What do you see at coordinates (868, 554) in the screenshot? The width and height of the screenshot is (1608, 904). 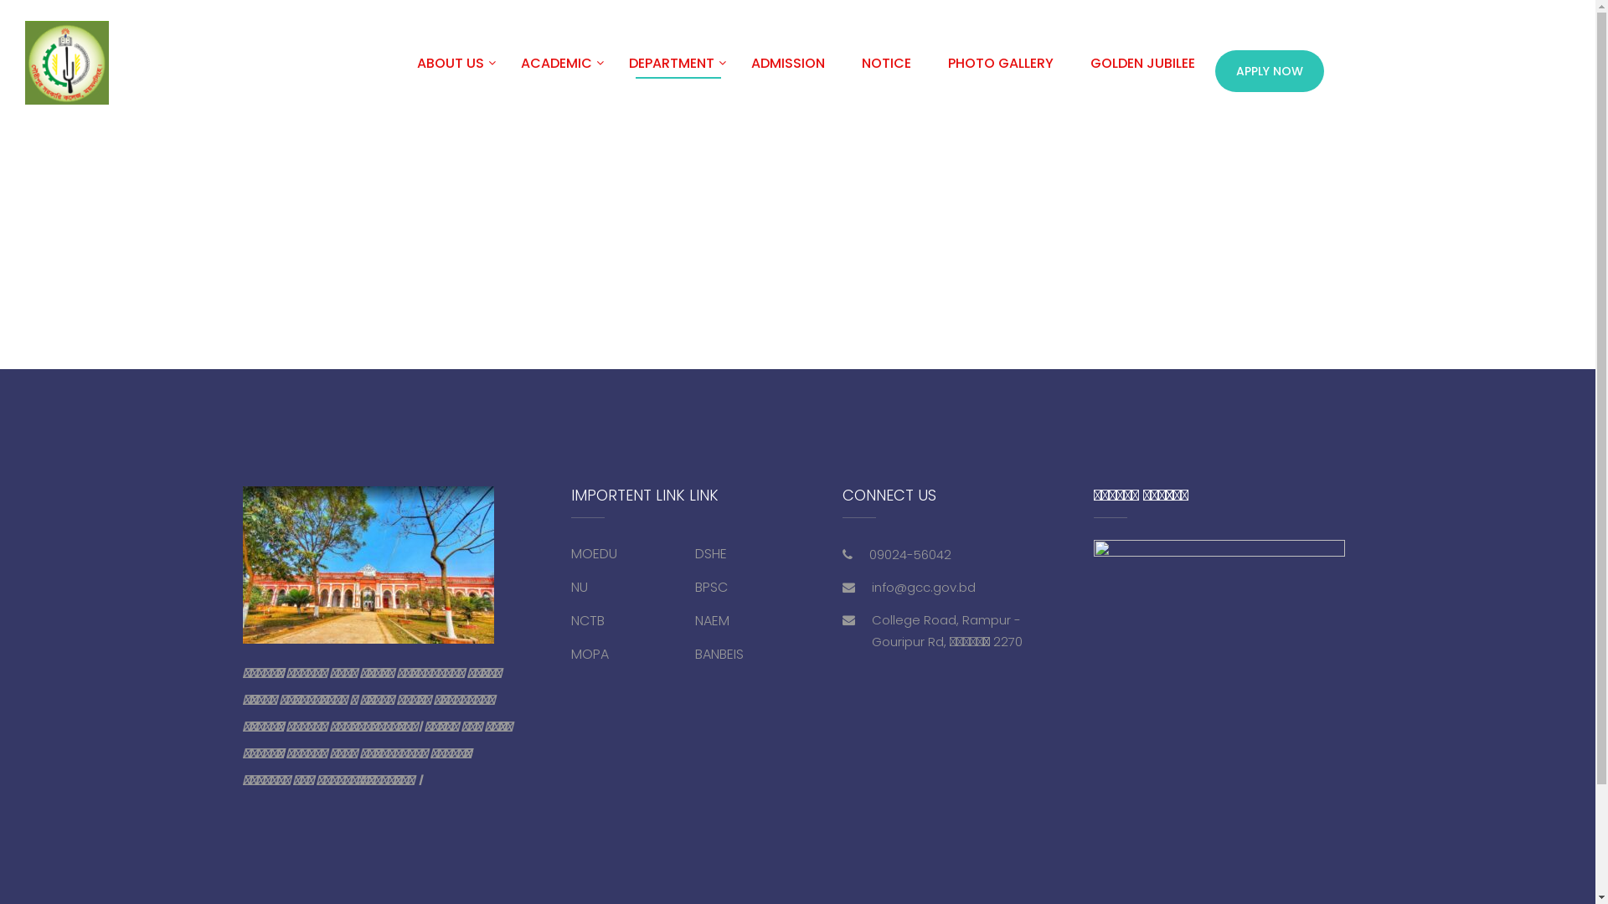 I see `'09024-56042'` at bounding box center [868, 554].